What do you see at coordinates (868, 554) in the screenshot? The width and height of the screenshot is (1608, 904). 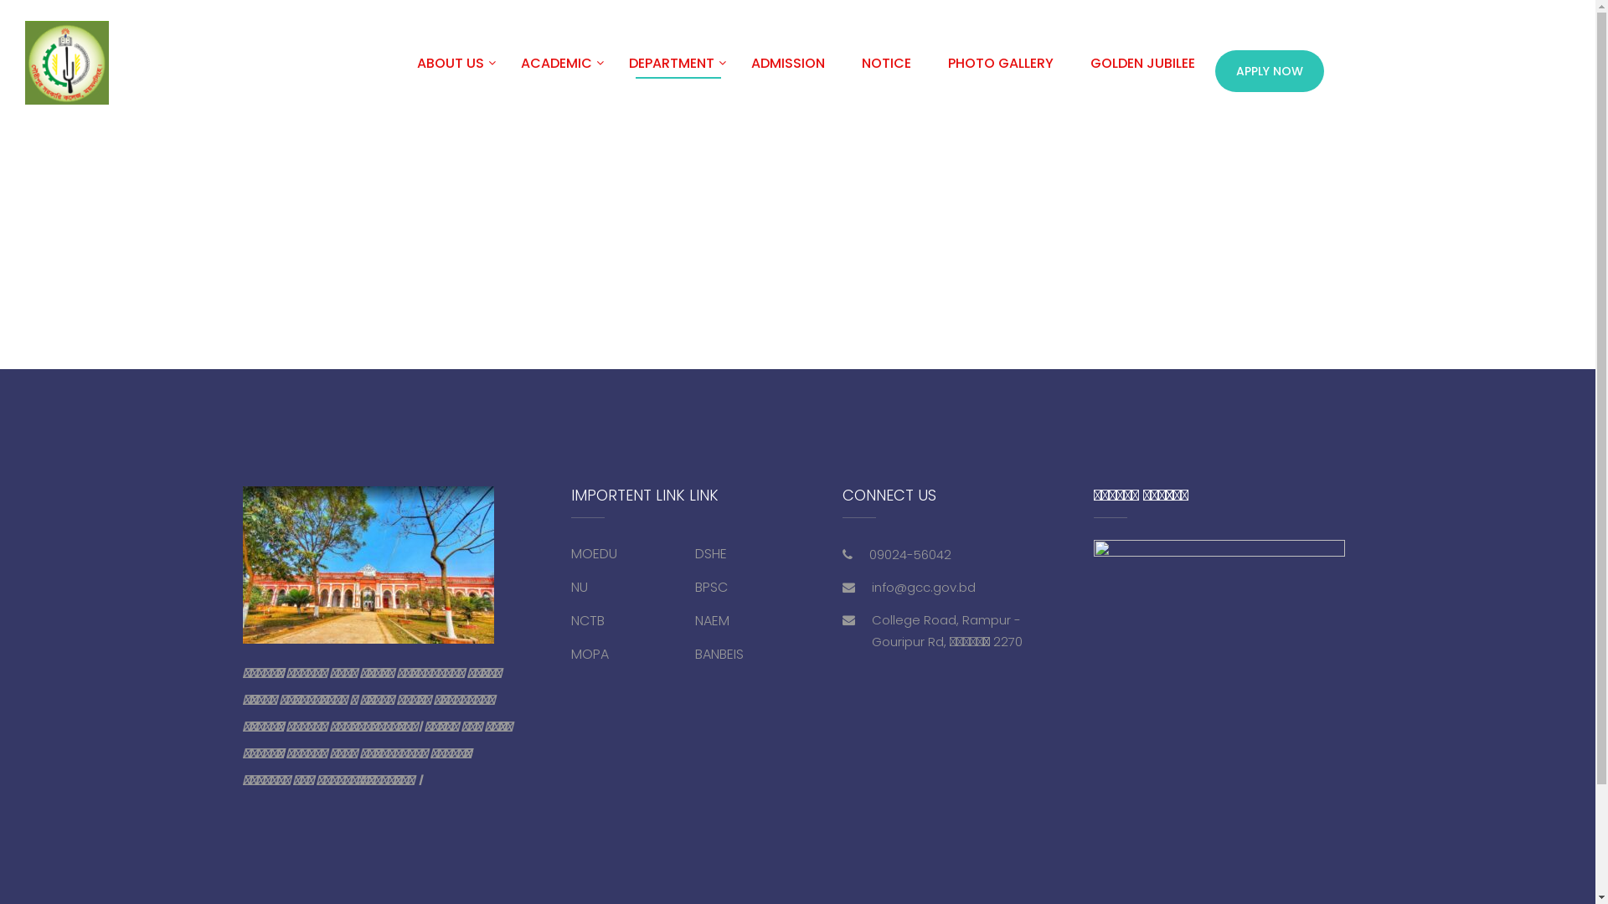 I see `'09024-56042'` at bounding box center [868, 554].